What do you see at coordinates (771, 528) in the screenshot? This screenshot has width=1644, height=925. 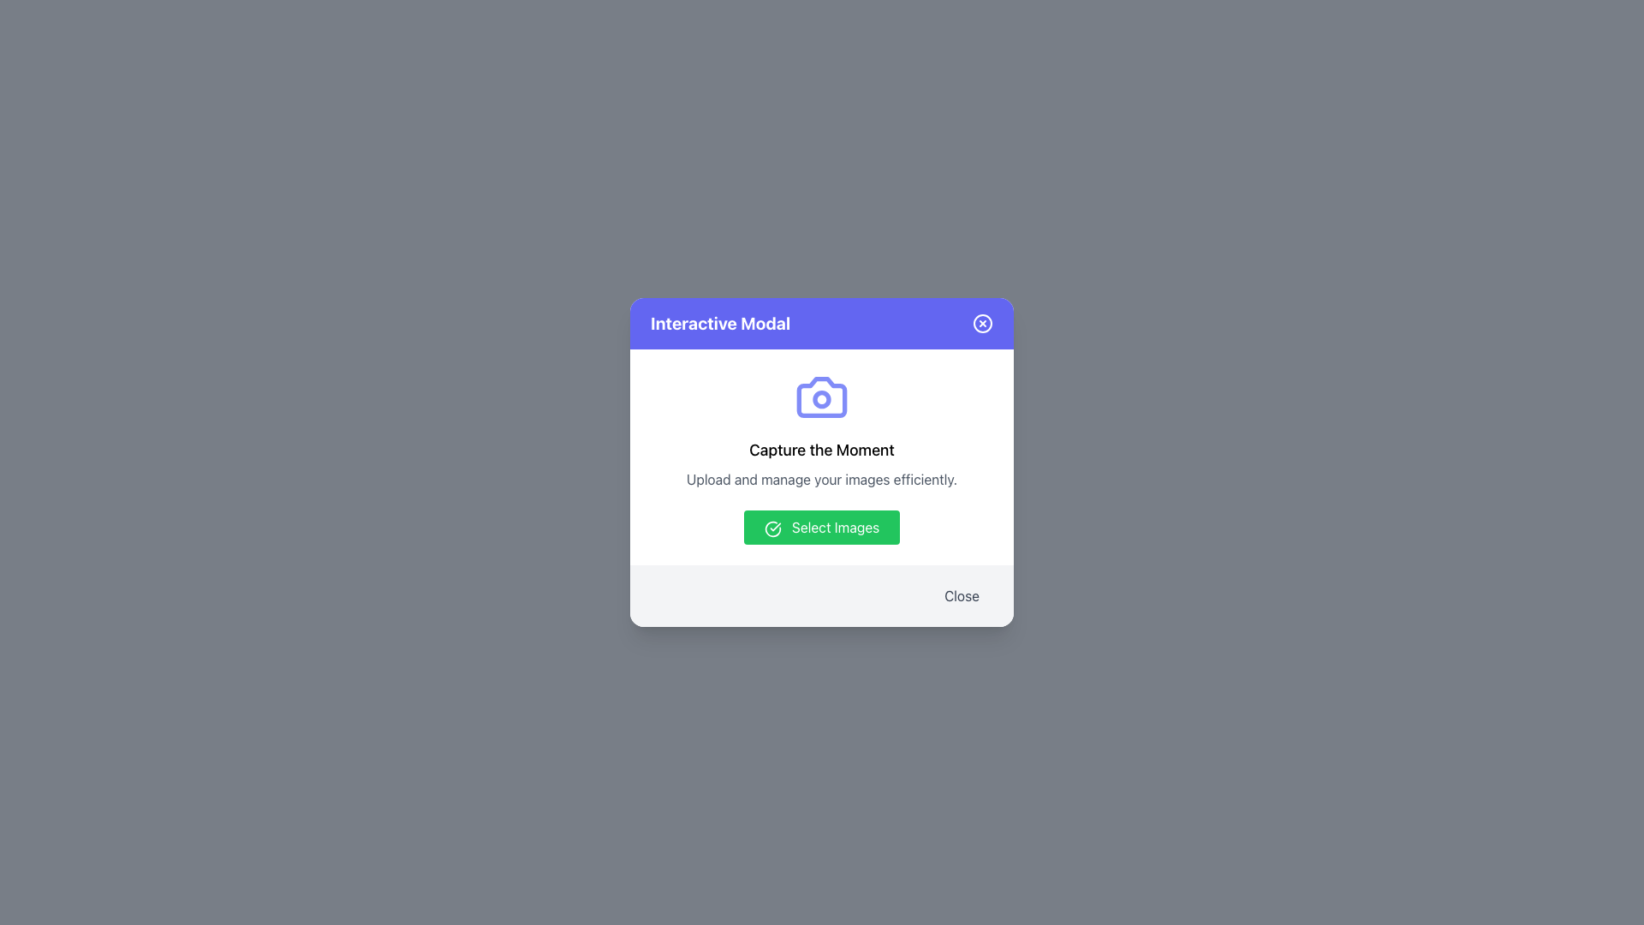 I see `the checkmark icon inside a green circle, which is located to the left of the 'Select Images' button` at bounding box center [771, 528].